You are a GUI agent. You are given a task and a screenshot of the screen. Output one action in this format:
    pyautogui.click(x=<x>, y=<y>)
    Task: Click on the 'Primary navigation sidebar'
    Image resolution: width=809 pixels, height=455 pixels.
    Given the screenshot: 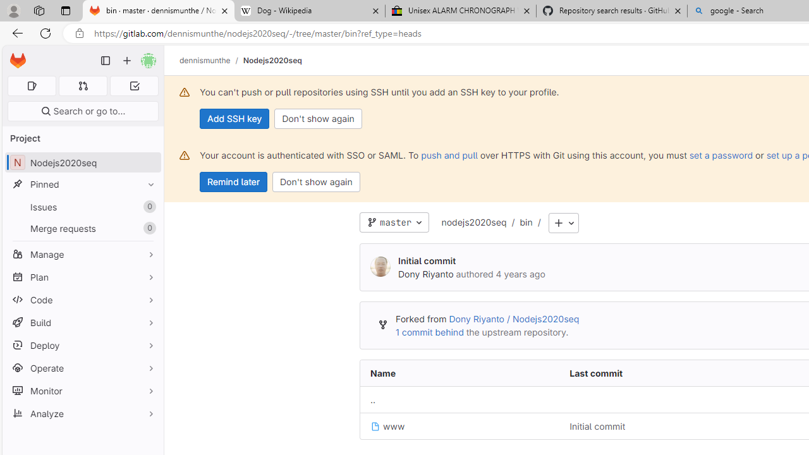 What is the action you would take?
    pyautogui.click(x=106, y=61)
    